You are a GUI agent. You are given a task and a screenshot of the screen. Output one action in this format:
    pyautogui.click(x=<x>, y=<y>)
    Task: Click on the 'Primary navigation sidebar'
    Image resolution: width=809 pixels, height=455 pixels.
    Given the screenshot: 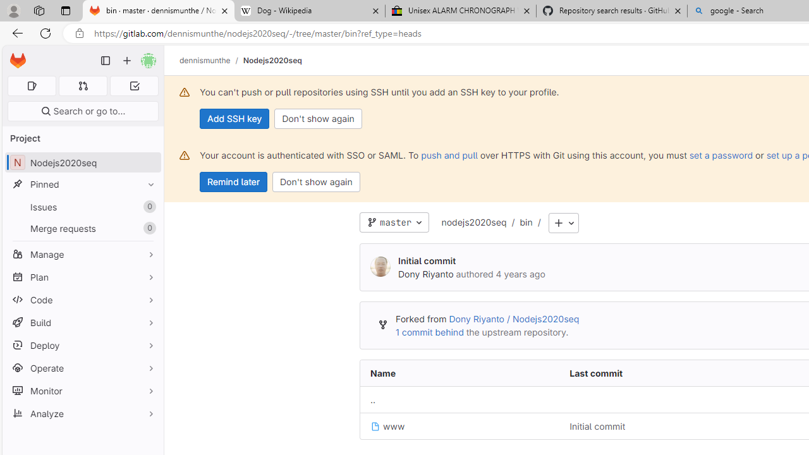 What is the action you would take?
    pyautogui.click(x=106, y=61)
    